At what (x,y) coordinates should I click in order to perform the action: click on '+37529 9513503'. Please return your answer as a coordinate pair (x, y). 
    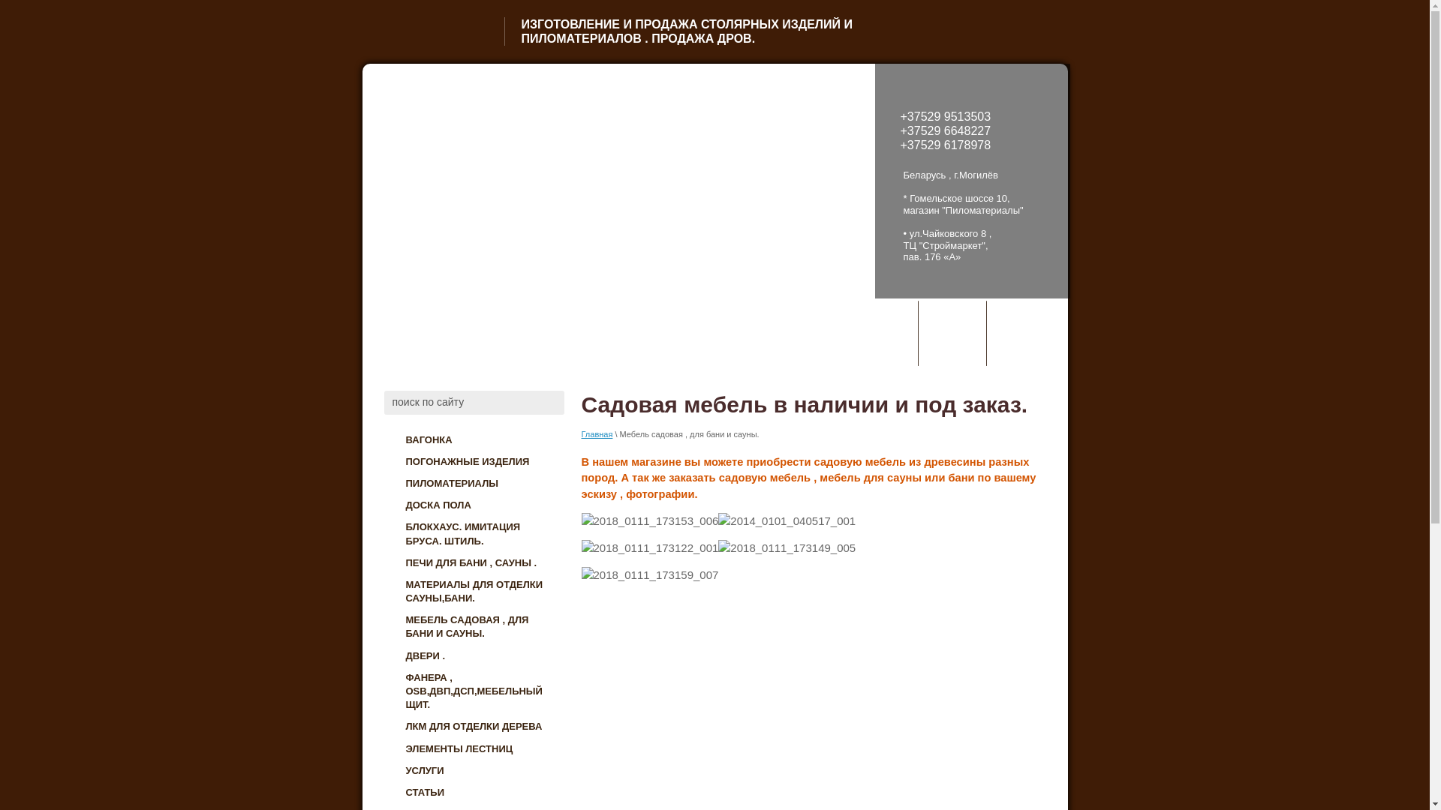
    Looking at the image, I should click on (945, 115).